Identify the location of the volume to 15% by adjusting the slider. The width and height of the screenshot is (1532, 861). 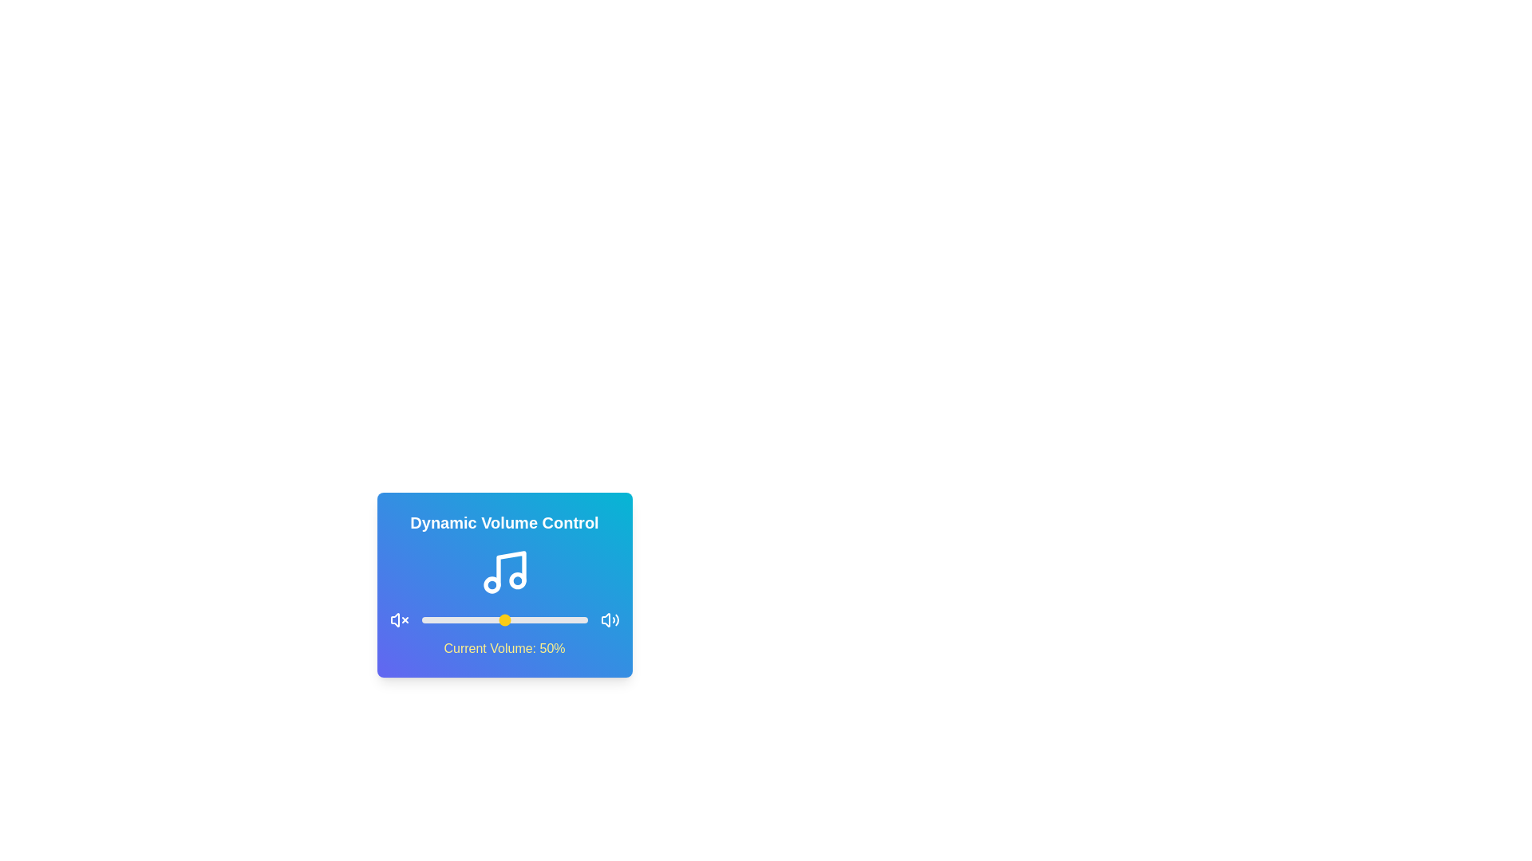
(446, 619).